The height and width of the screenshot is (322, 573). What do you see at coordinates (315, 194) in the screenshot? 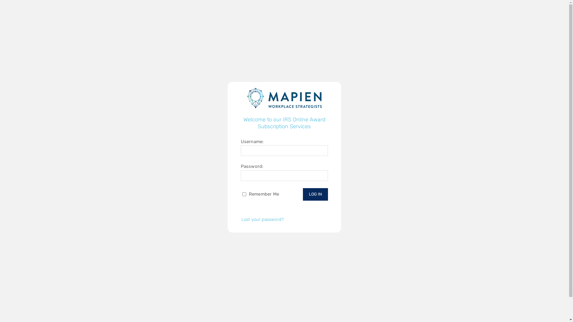
I see `'Log In'` at bounding box center [315, 194].